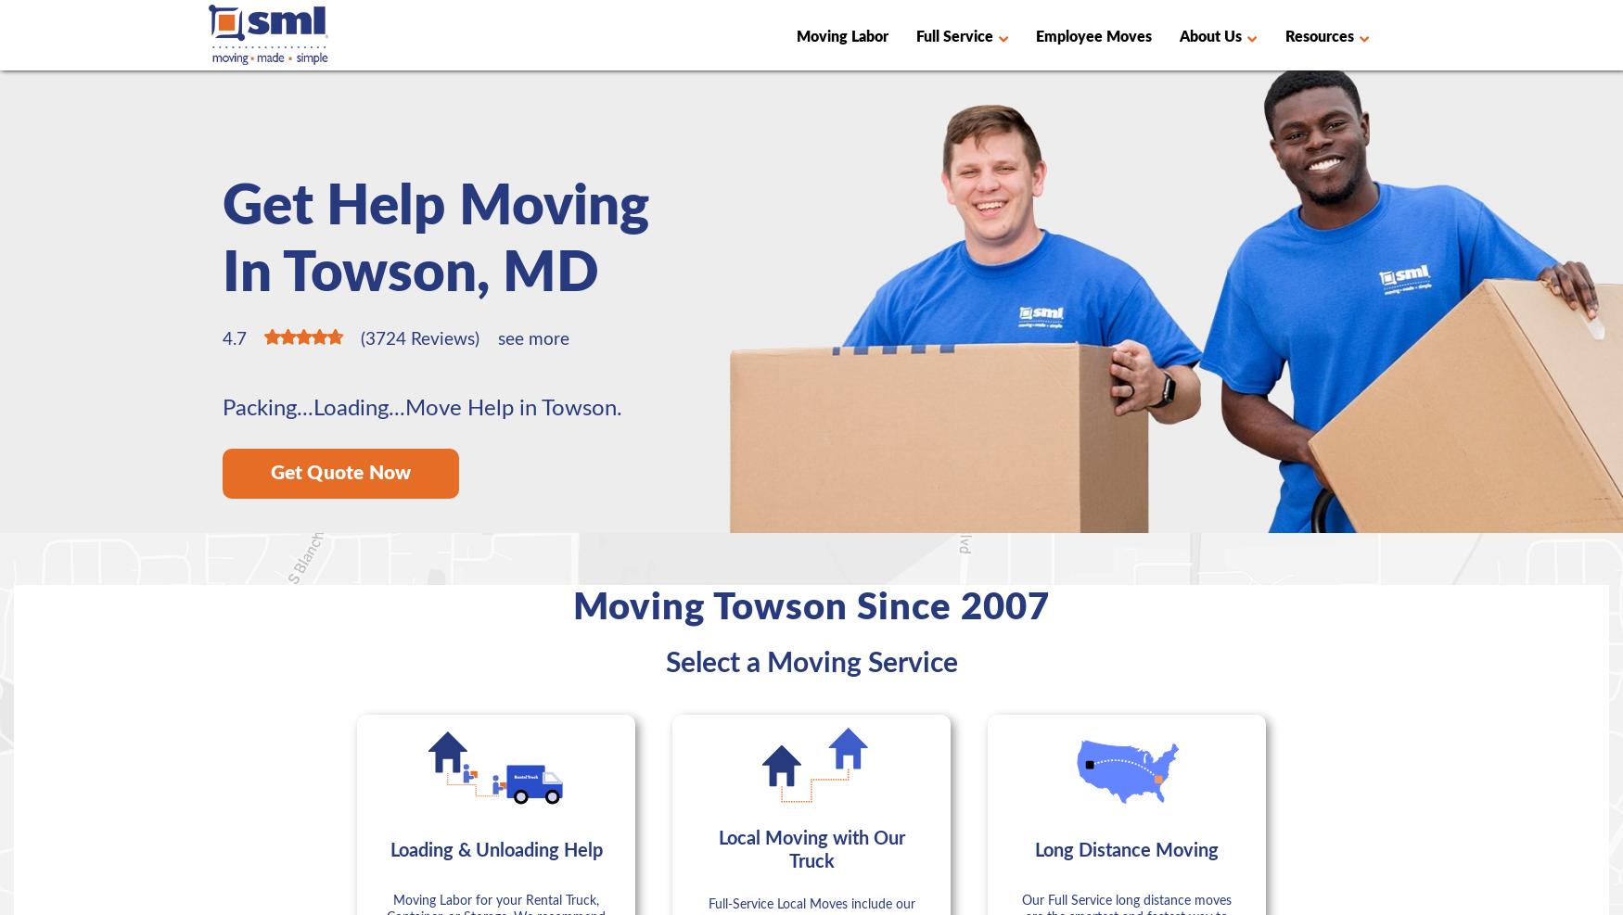 This screenshot has width=1623, height=915. I want to click on 'Select a Moving Service', so click(811, 662).